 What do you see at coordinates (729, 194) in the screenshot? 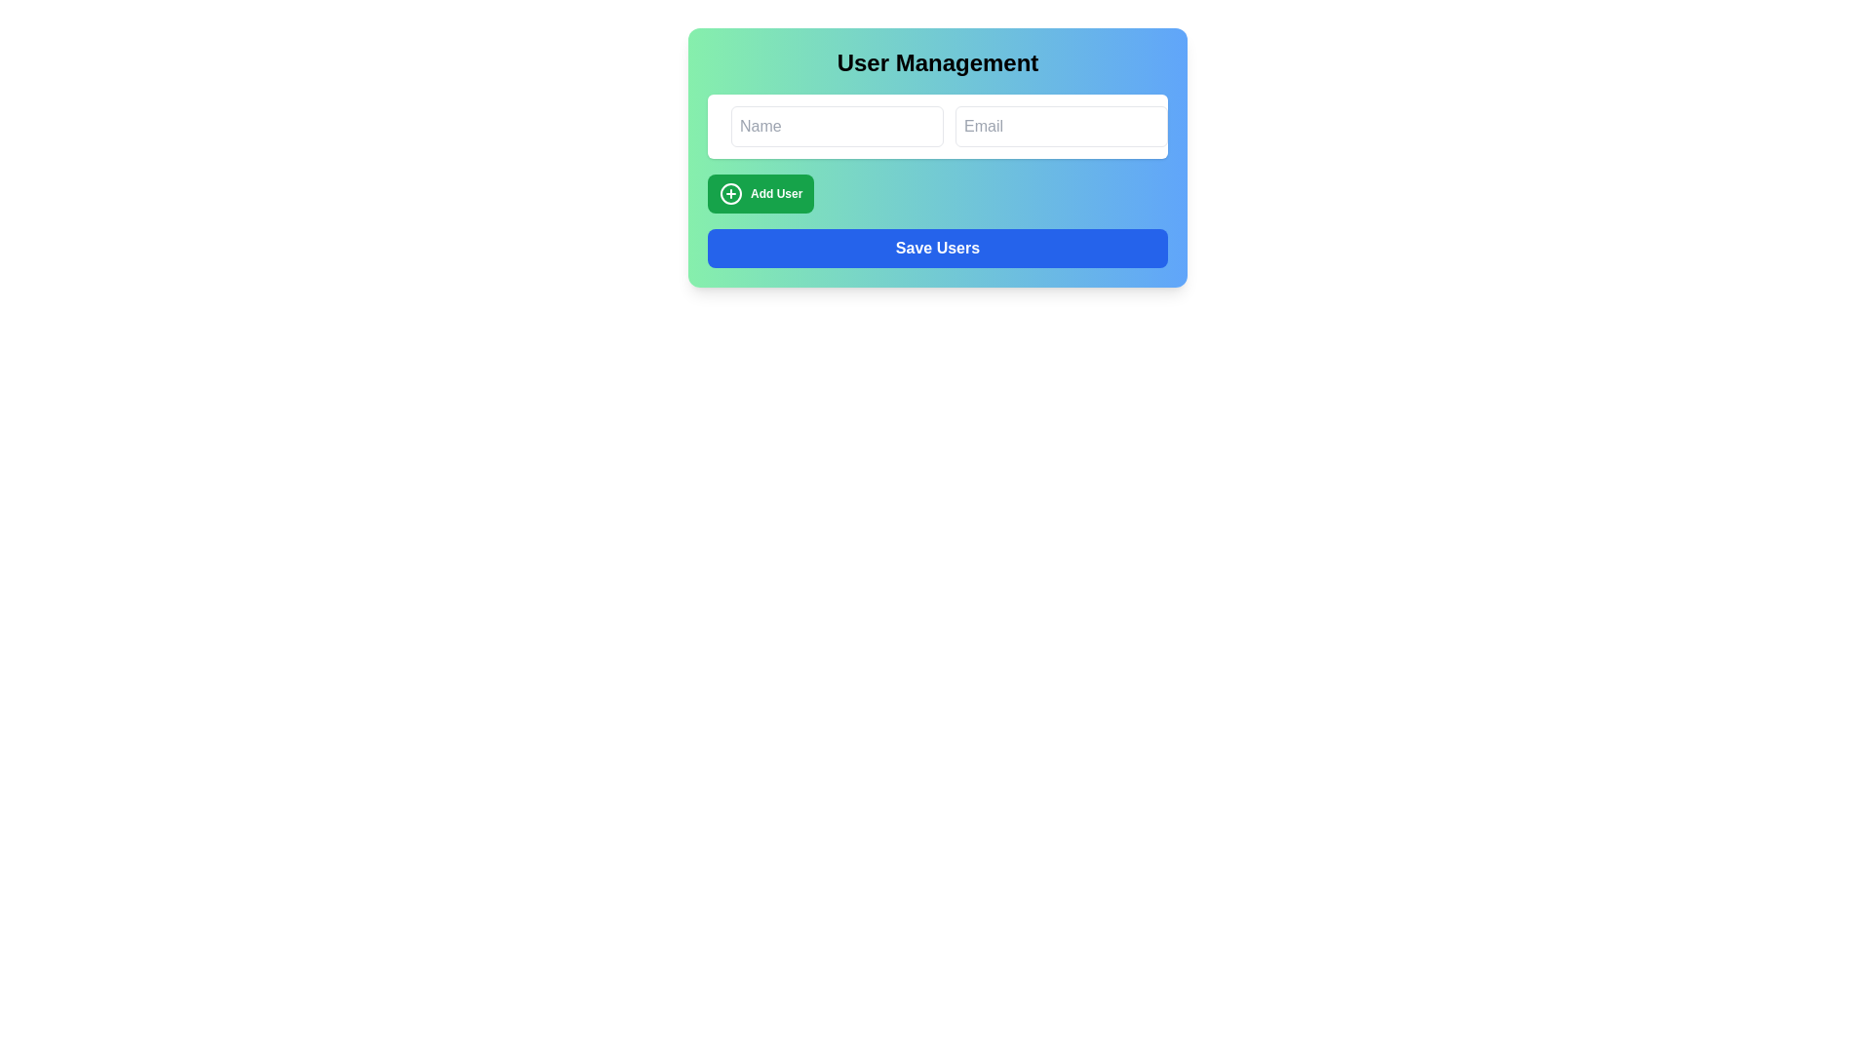
I see `the circular icon with a green background and white plus symbol (+) for visual feedback, which is located to the left of the 'Add User' button` at bounding box center [729, 194].